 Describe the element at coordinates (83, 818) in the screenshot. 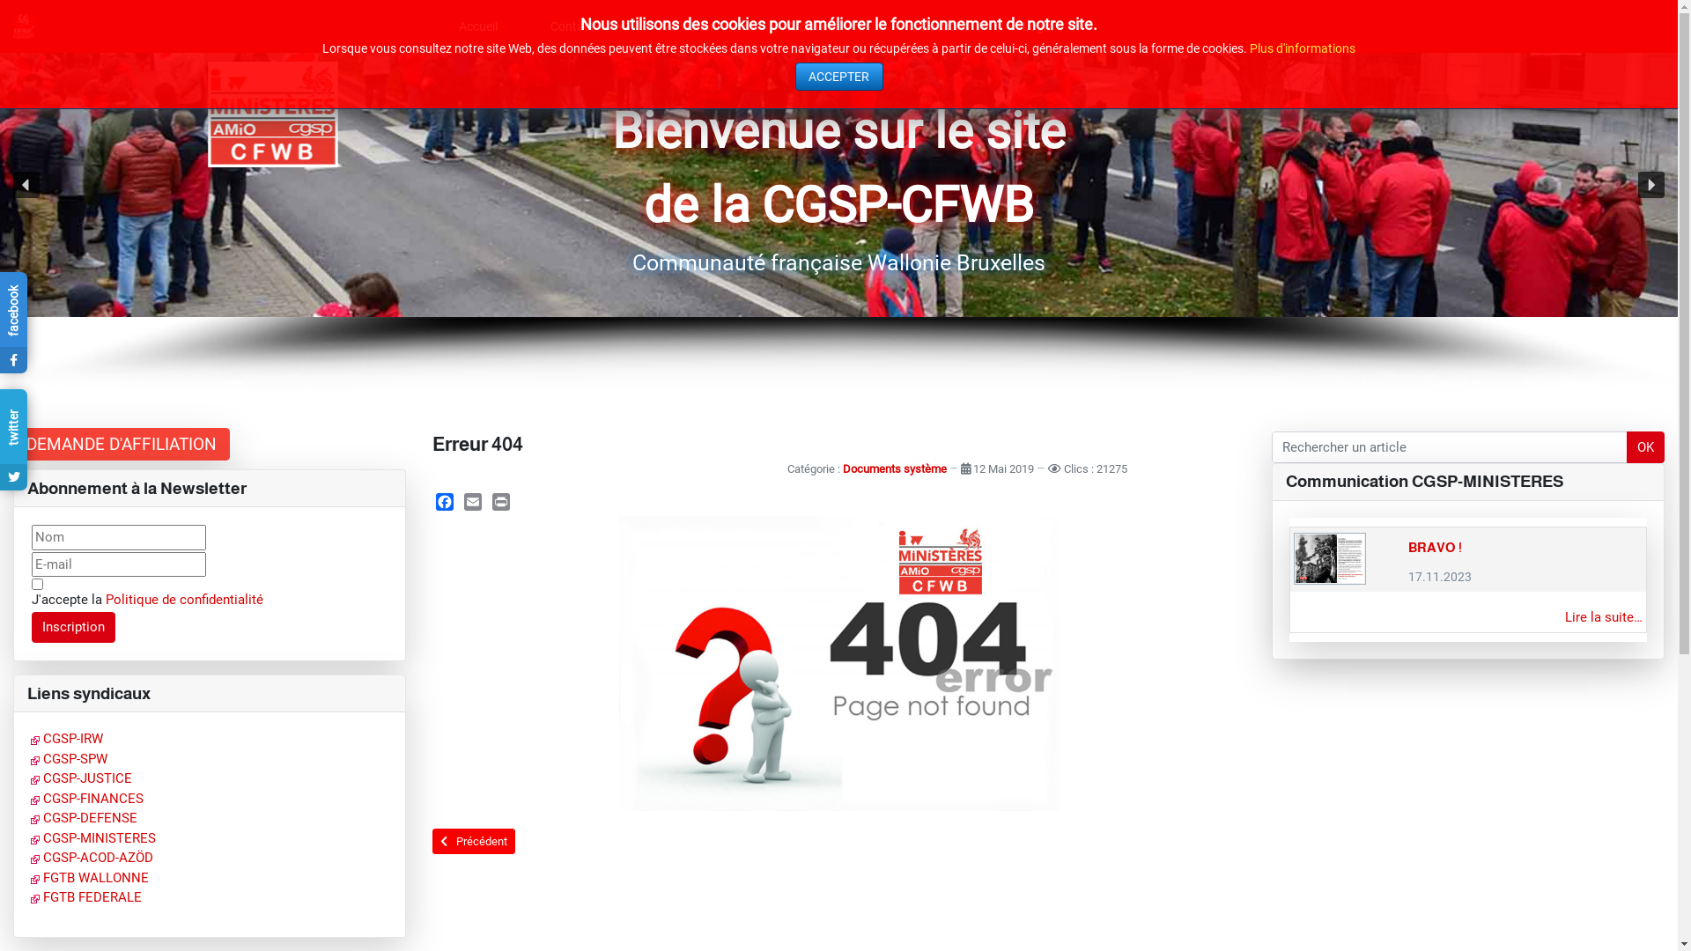

I see `' CGSP-DEFENSE'` at that location.